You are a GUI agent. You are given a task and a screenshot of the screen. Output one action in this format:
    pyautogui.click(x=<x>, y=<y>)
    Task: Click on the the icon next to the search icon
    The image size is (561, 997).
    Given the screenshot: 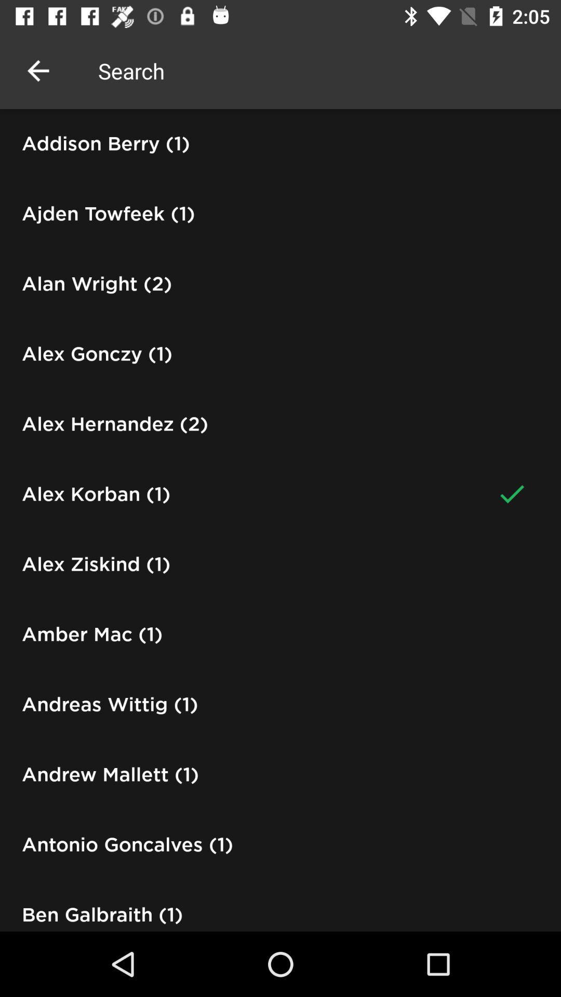 What is the action you would take?
    pyautogui.click(x=37, y=70)
    